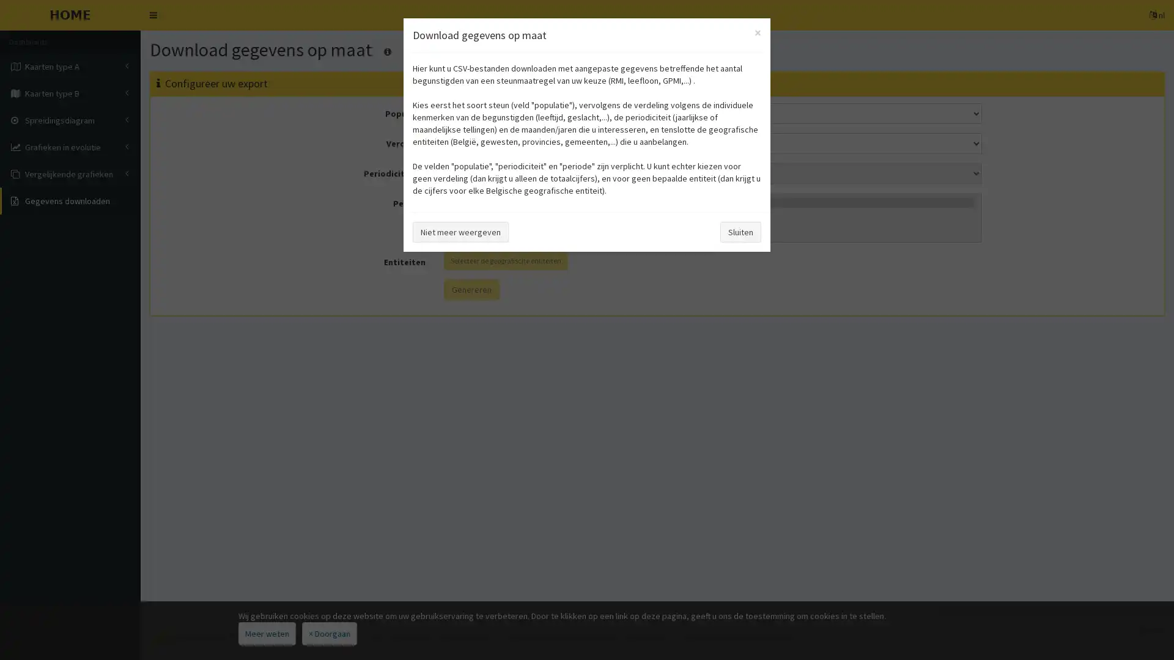 This screenshot has height=660, width=1174. Describe the element at coordinates (505, 259) in the screenshot. I see `Selecteer de geografische entiteiten` at that location.